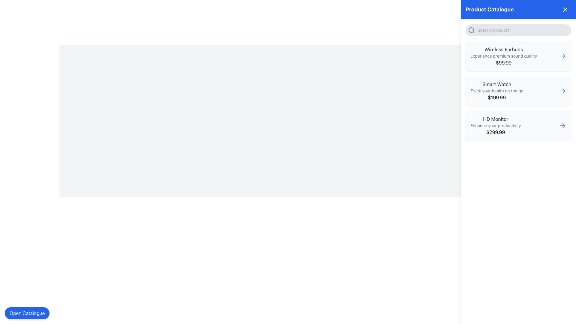 The width and height of the screenshot is (576, 324). What do you see at coordinates (563, 125) in the screenshot?
I see `the navigation icon for the 'HD Monitor' product entry` at bounding box center [563, 125].